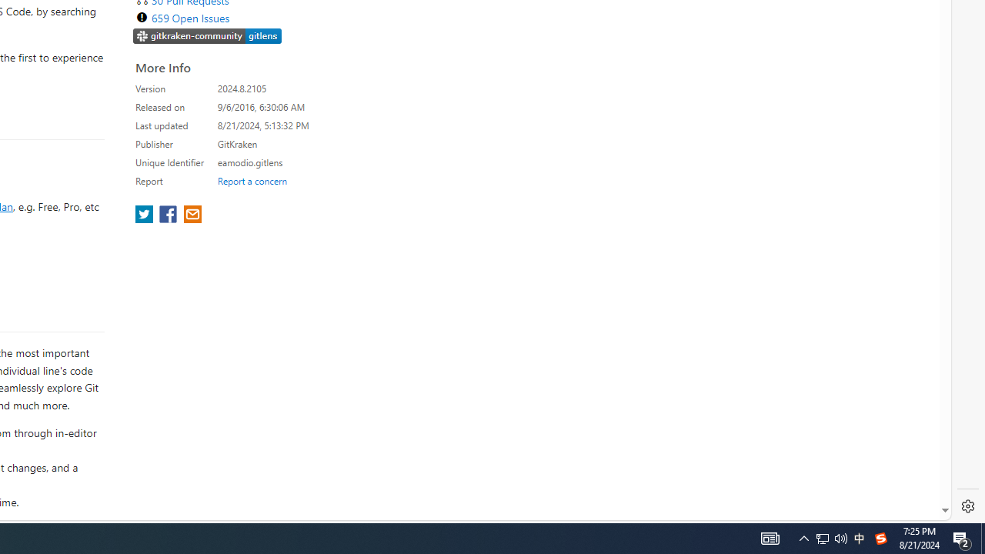  What do you see at coordinates (207, 36) in the screenshot?
I see `'https://slack.gitkraken.com//'` at bounding box center [207, 36].